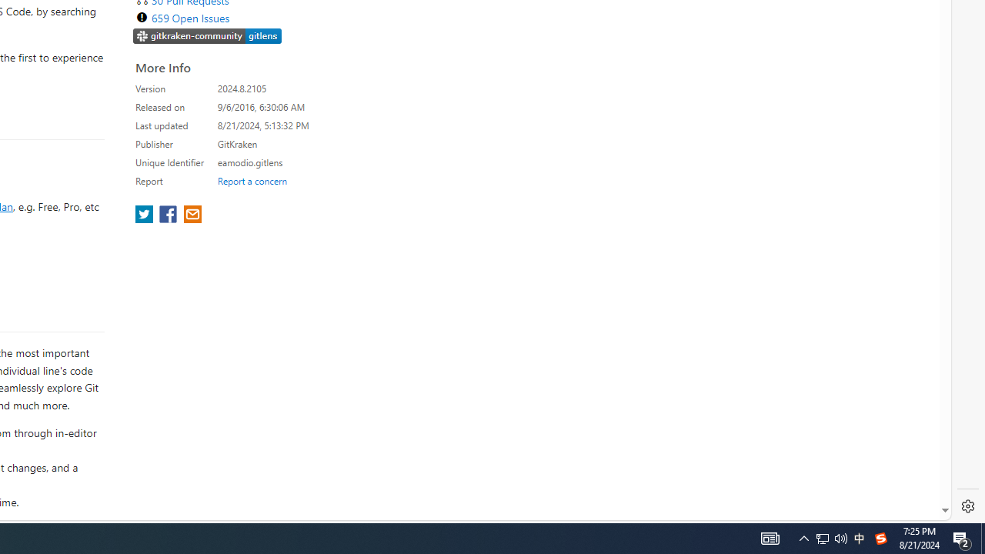  What do you see at coordinates (207, 36) in the screenshot?
I see `'https://slack.gitkraken.com//'` at bounding box center [207, 36].